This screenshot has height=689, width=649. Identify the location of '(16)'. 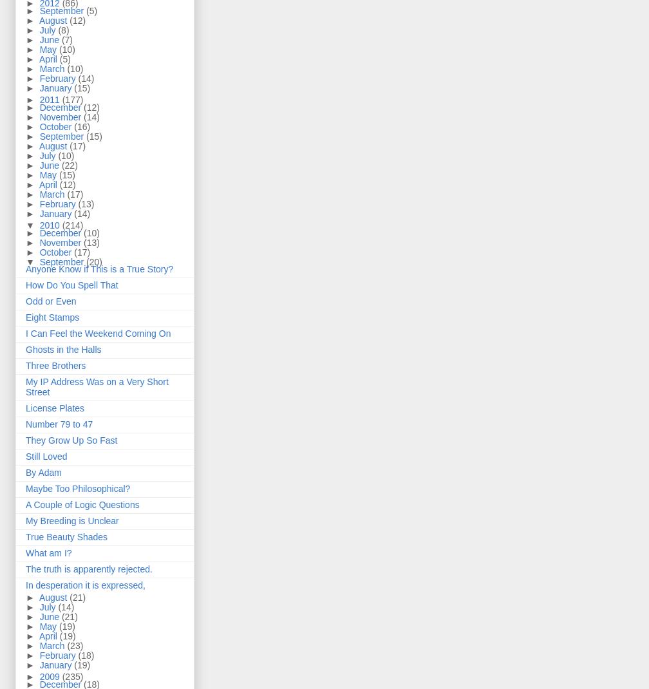
(82, 126).